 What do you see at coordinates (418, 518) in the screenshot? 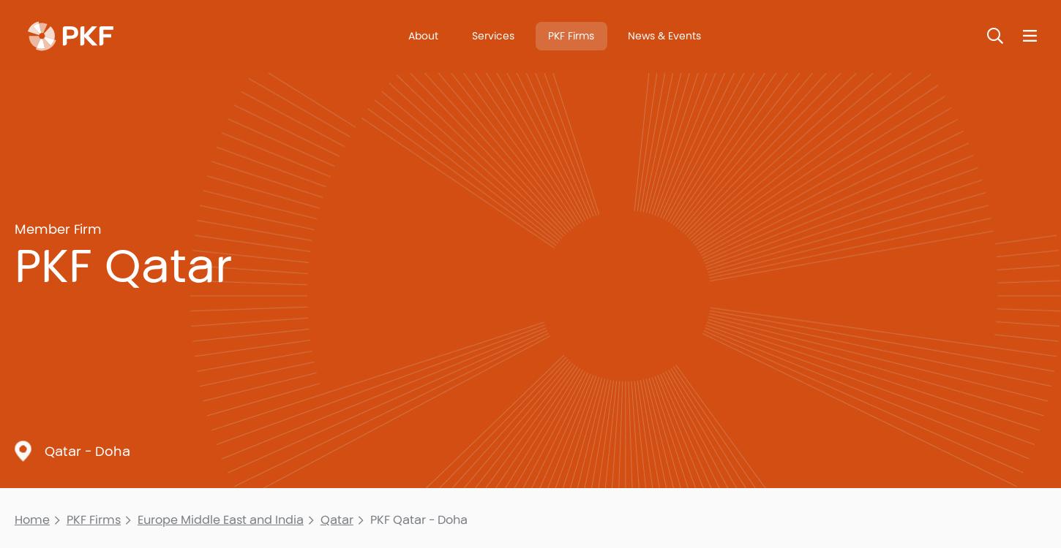
I see `'PKF Qatar - Doha'` at bounding box center [418, 518].